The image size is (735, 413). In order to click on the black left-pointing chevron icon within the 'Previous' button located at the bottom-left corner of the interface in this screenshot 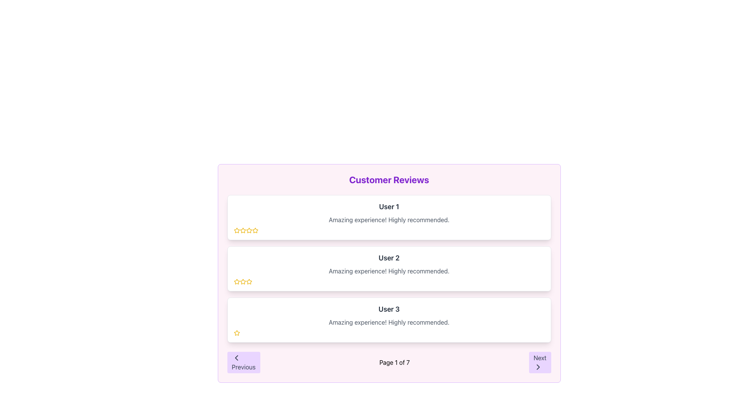, I will do `click(236, 358)`.